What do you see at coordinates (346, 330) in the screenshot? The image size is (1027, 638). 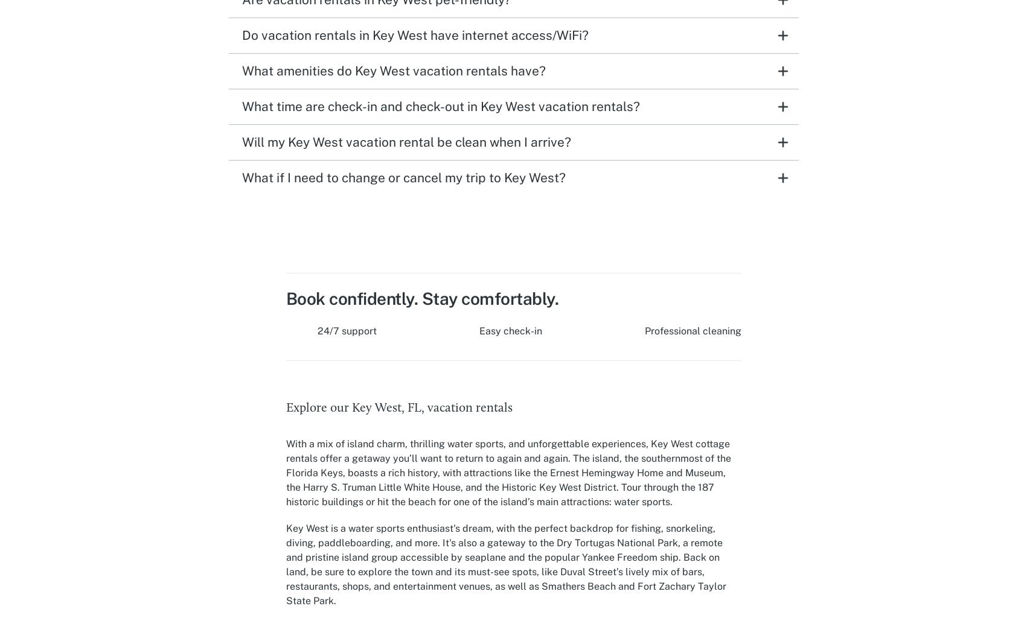 I see `'24/7 support'` at bounding box center [346, 330].